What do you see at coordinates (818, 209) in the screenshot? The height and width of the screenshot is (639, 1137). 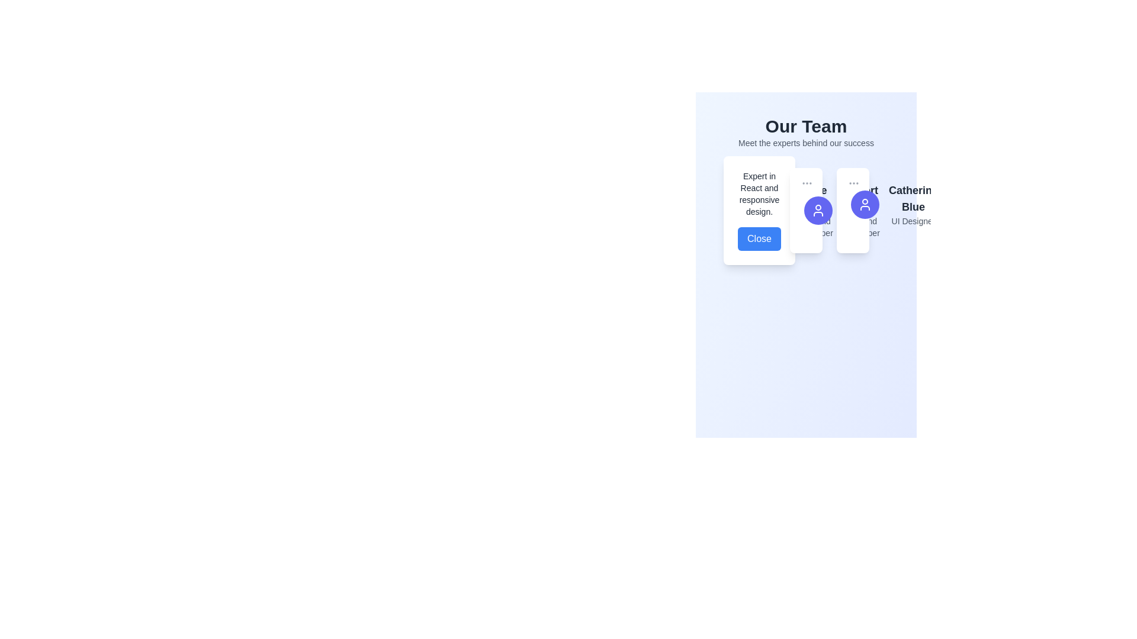 I see `the user profile icon inside the purple circular button` at bounding box center [818, 209].